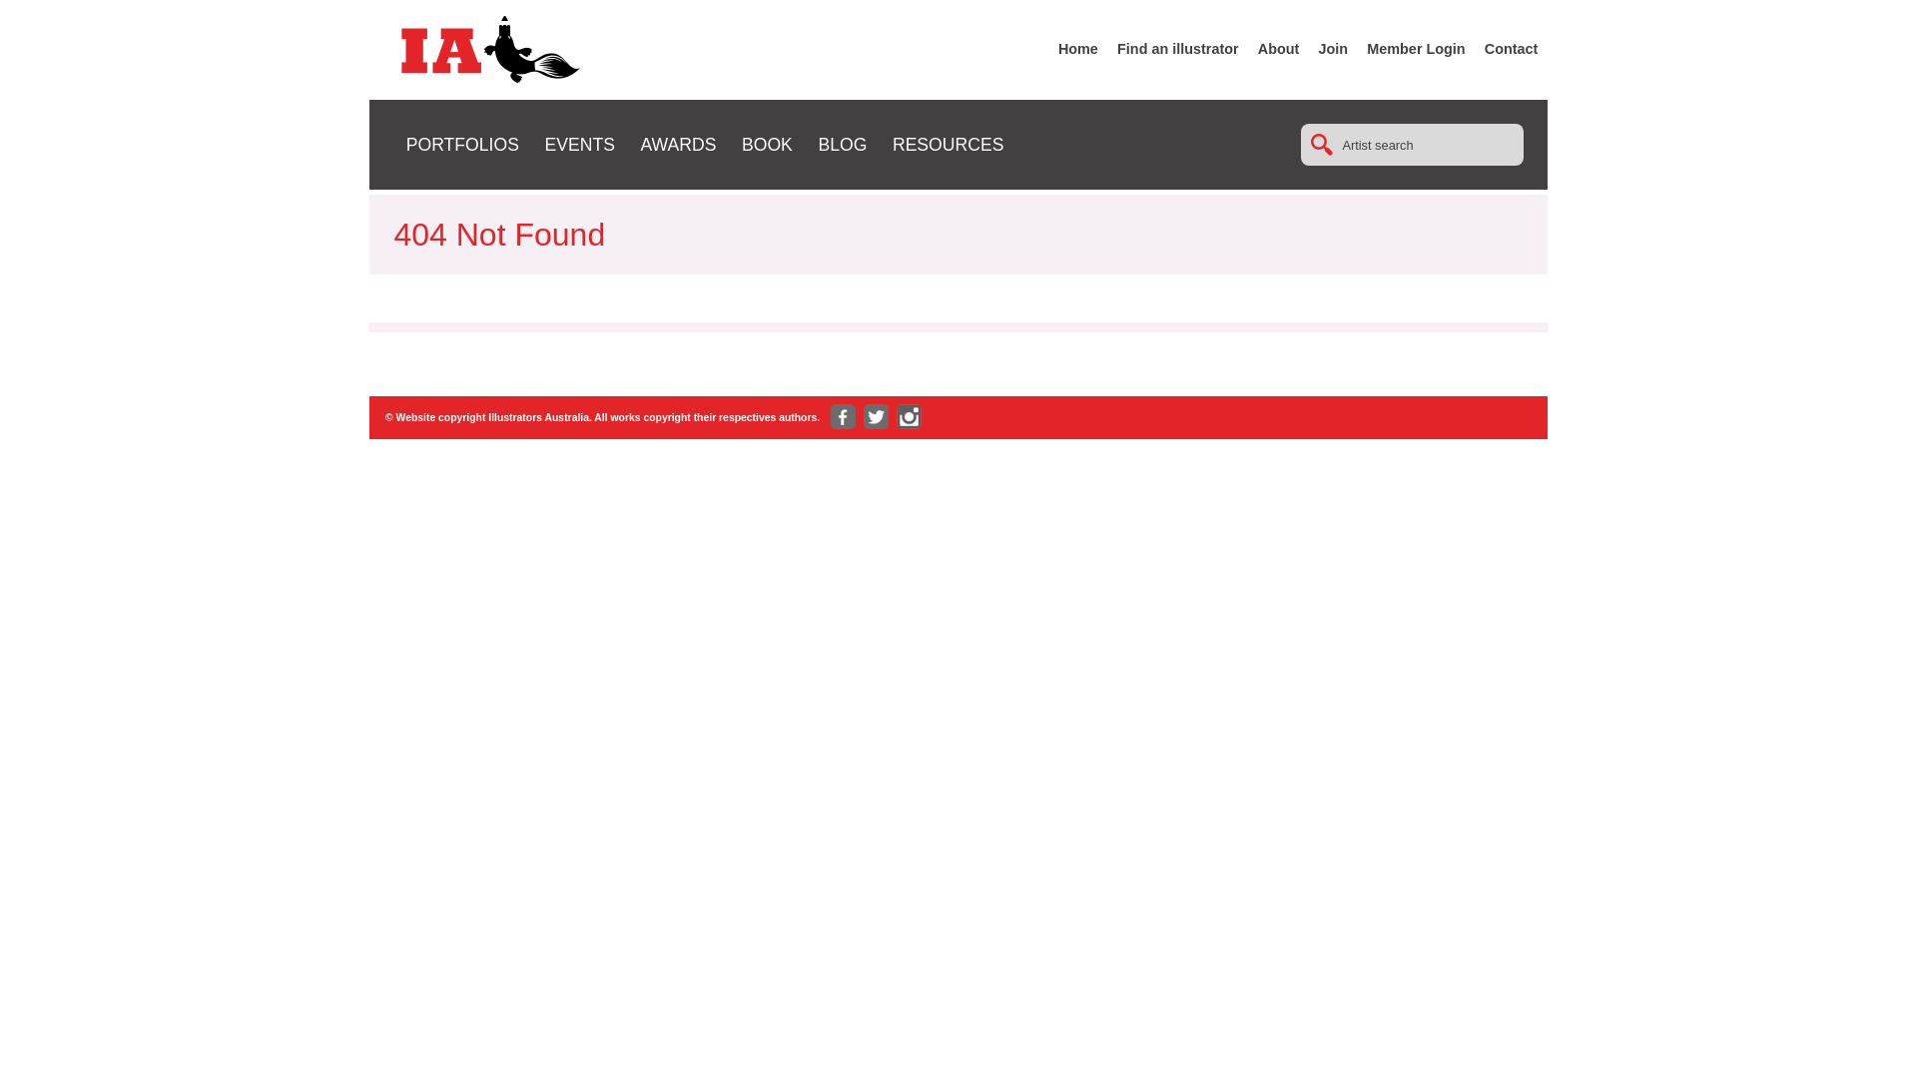 The image size is (1917, 1078). What do you see at coordinates (677, 144) in the screenshot?
I see `'AWARDS'` at bounding box center [677, 144].